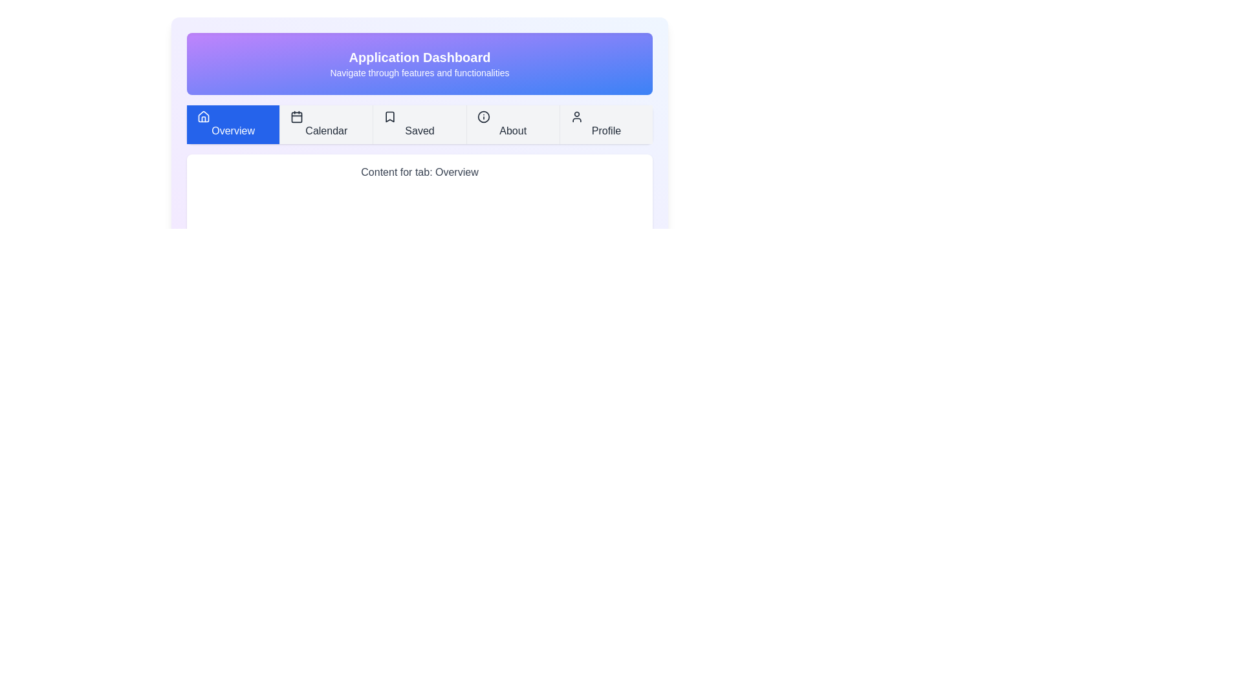  What do you see at coordinates (233, 131) in the screenshot?
I see `the 'Overview' text label located in the leftmost tab of the navigation bar` at bounding box center [233, 131].